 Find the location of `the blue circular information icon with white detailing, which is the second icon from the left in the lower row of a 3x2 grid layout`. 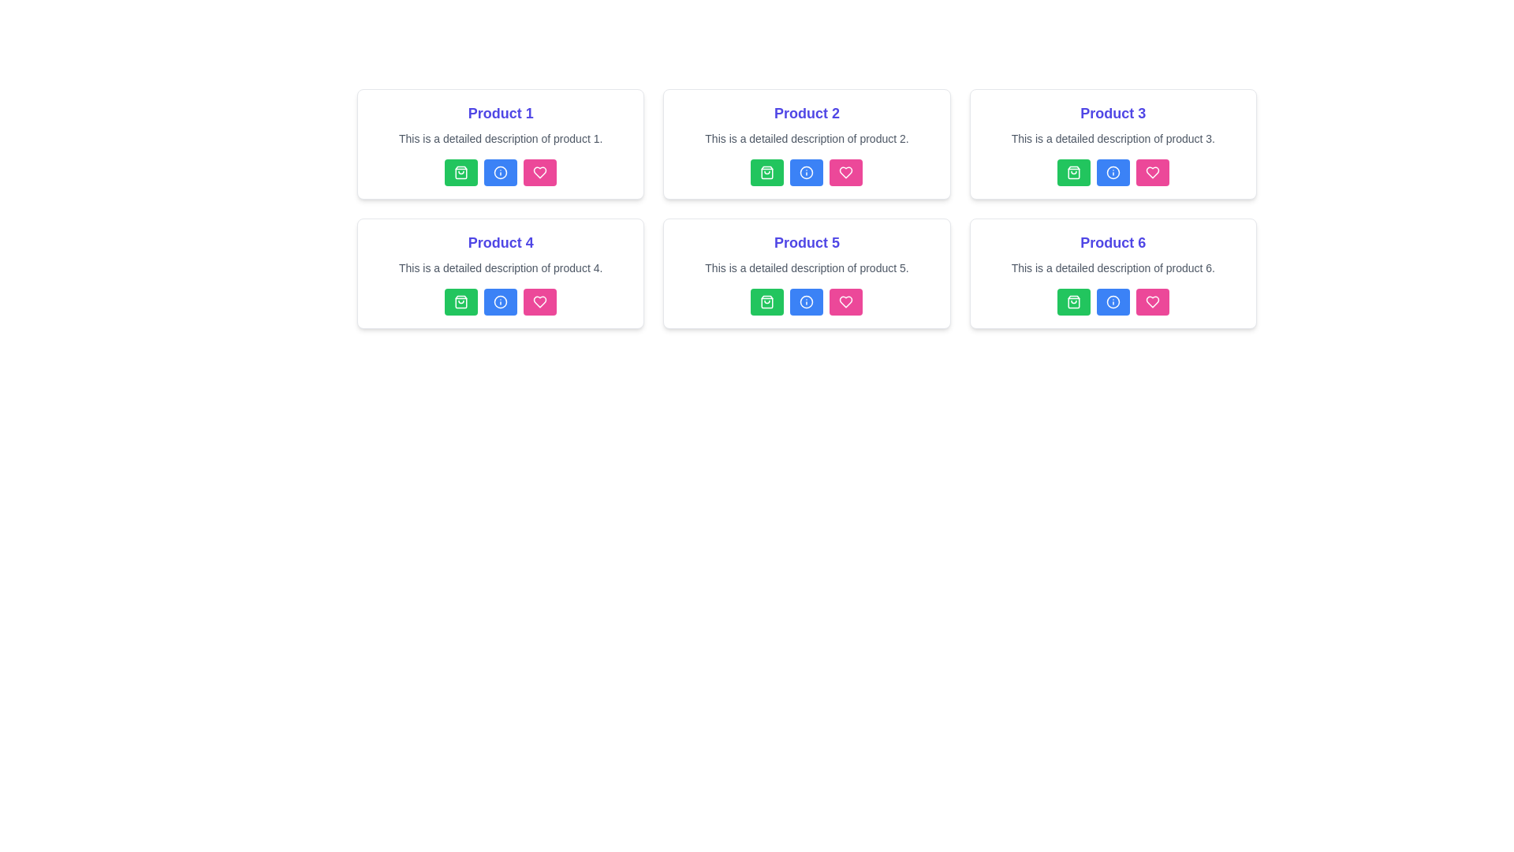

the blue circular information icon with white detailing, which is the second icon from the left in the lower row of a 3x2 grid layout is located at coordinates (1112, 301).